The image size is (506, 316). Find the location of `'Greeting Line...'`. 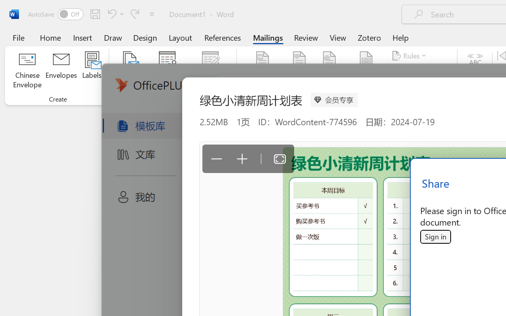

'Greeting Line...' is located at coordinates (329, 71).